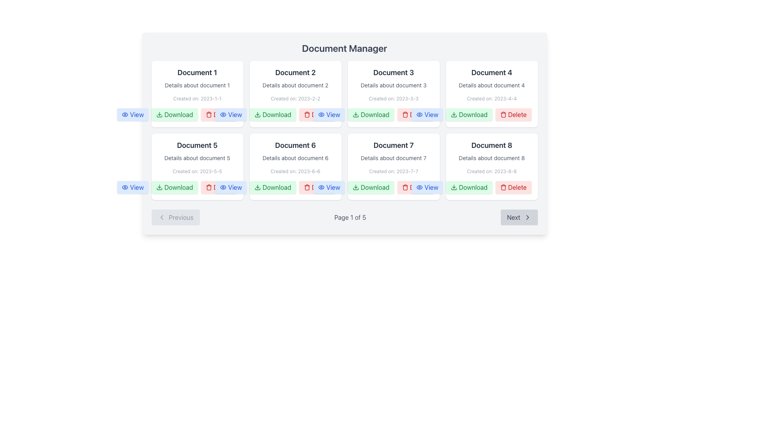 The width and height of the screenshot is (760, 427). Describe the element at coordinates (295, 157) in the screenshot. I see `the data display card that presents information about 'Document 6', located in the second row and third column of the document card grid` at that location.